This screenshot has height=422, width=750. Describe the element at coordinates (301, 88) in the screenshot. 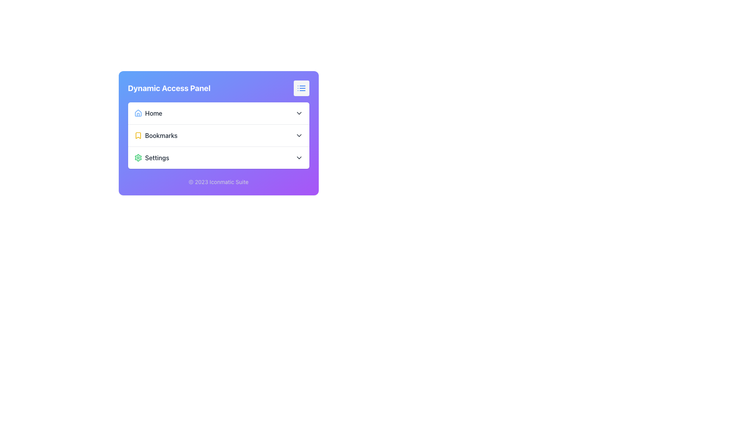

I see `the square-shaped button with rounded corners located to the right of the text 'Dynamic Access Panel' in the top-right corner of the header` at that location.